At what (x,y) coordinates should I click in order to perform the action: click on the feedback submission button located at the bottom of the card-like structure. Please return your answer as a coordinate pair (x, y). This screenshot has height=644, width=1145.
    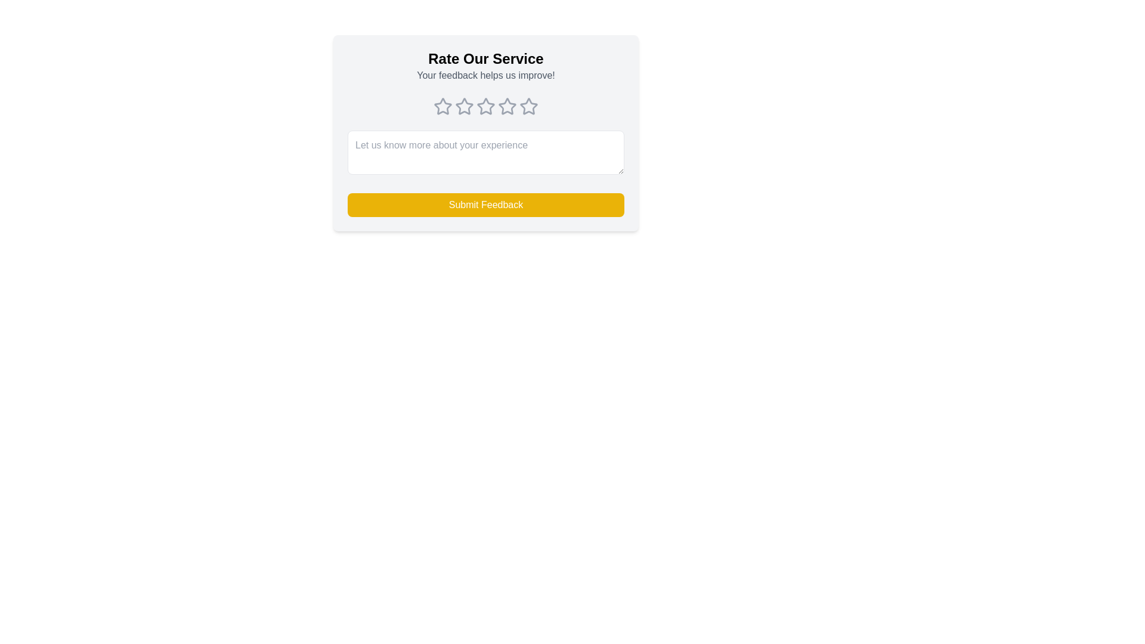
    Looking at the image, I should click on (486, 204).